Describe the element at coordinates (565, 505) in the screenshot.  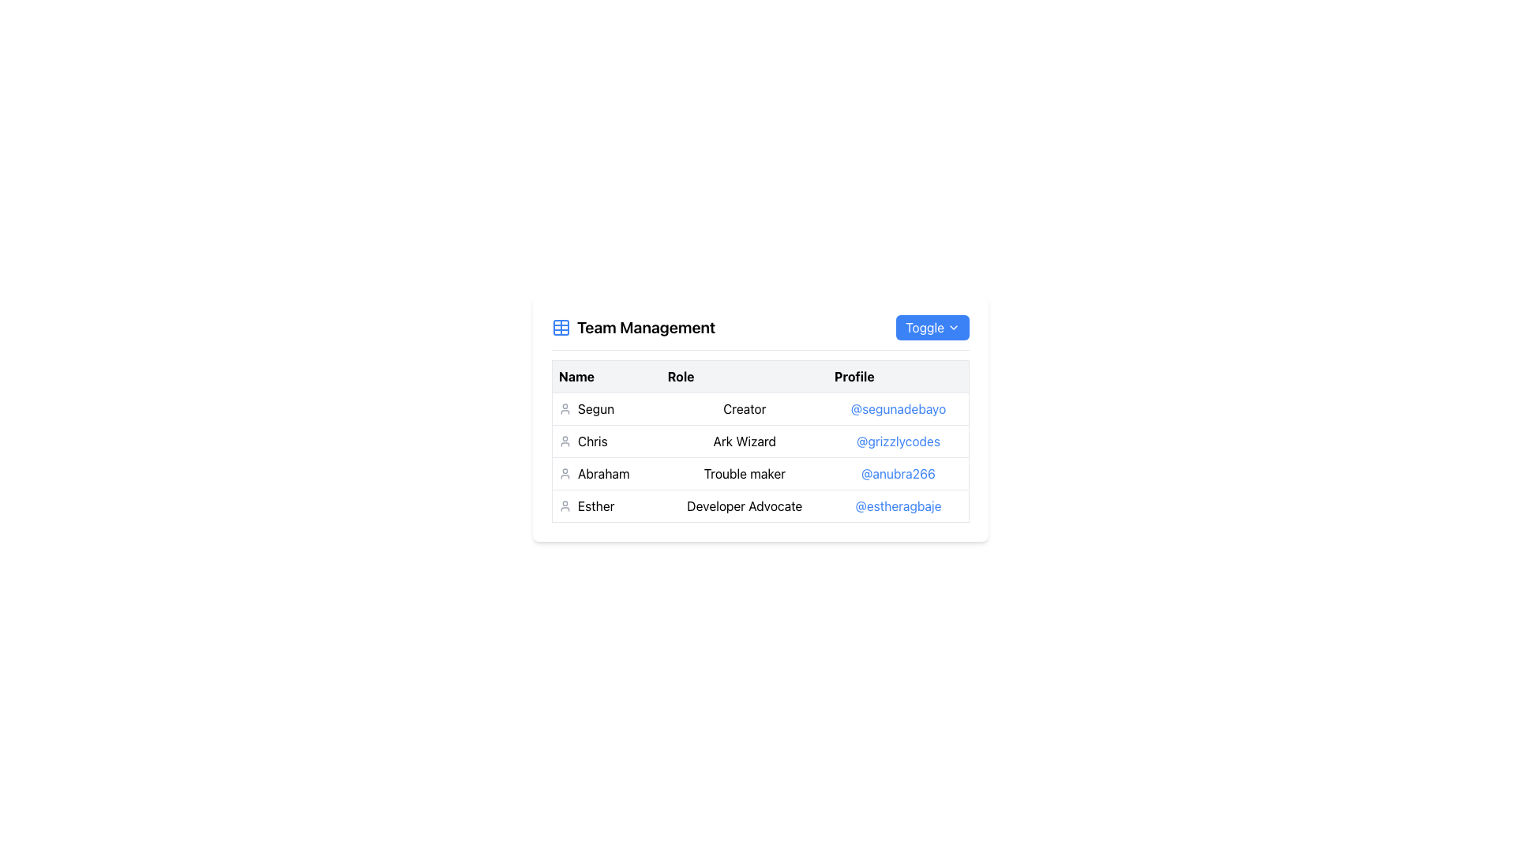
I see `the visual identifier icon for the user named 'Esther' located in the last row under the 'Name' column of the 'Team Management' table` at that location.